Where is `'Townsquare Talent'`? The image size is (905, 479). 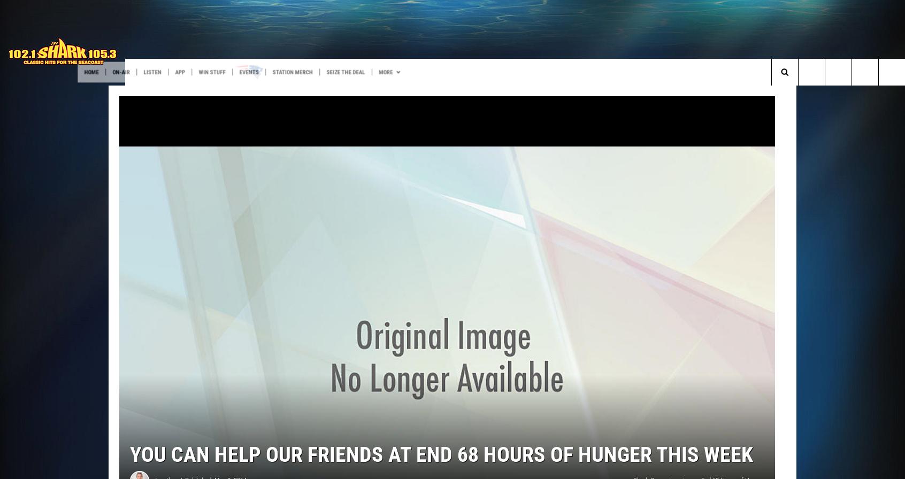
'Townsquare Talent' is located at coordinates (124, 94).